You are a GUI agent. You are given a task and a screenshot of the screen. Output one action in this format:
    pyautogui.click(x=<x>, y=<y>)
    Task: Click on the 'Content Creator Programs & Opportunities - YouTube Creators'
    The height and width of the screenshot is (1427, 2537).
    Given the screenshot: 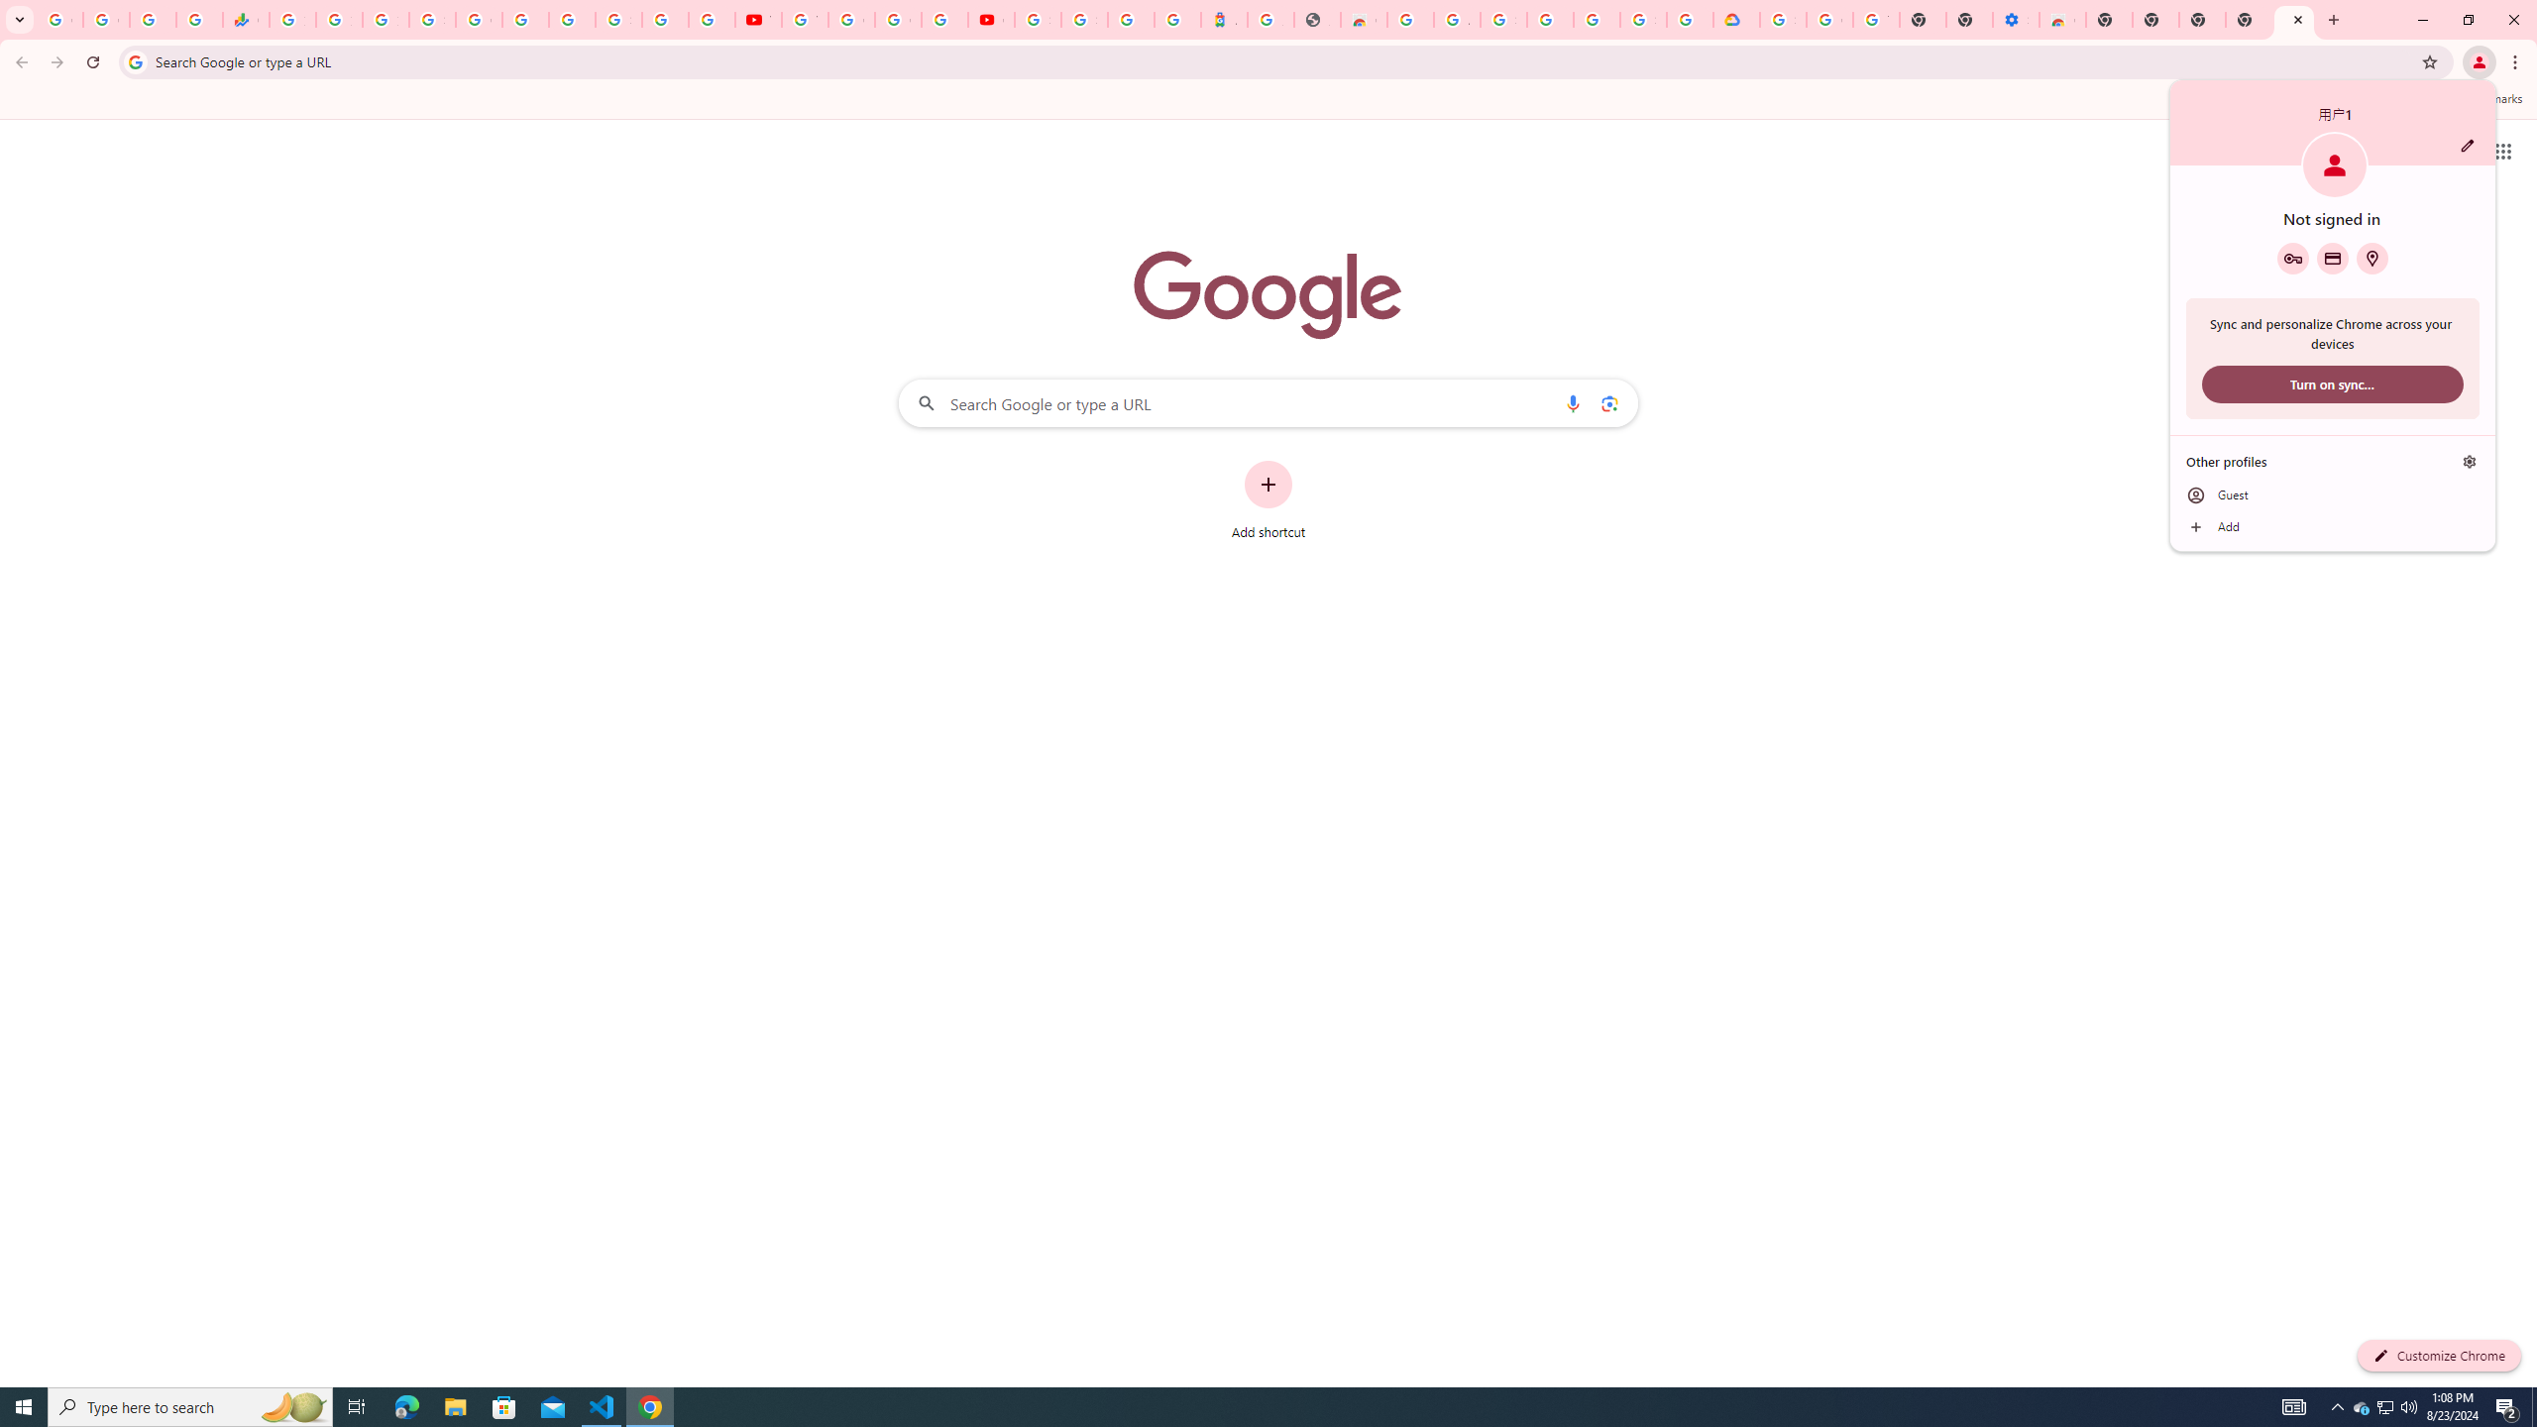 What is the action you would take?
    pyautogui.click(x=990, y=19)
    